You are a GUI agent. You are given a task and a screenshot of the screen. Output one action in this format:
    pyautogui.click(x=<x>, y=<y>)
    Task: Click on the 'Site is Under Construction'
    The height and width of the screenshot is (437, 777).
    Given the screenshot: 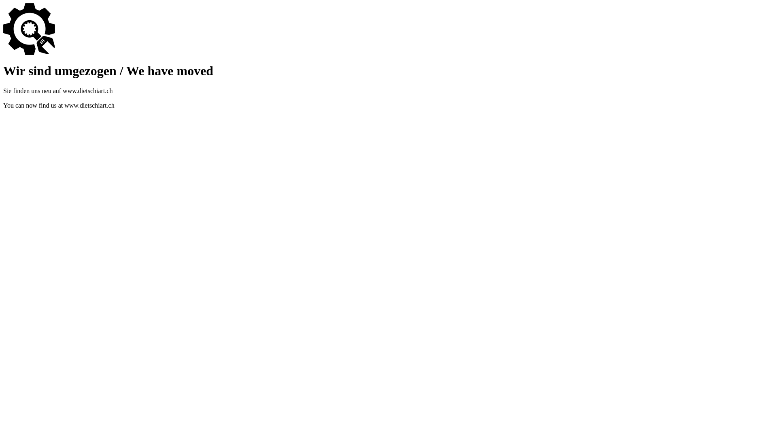 What is the action you would take?
    pyautogui.click(x=29, y=29)
    